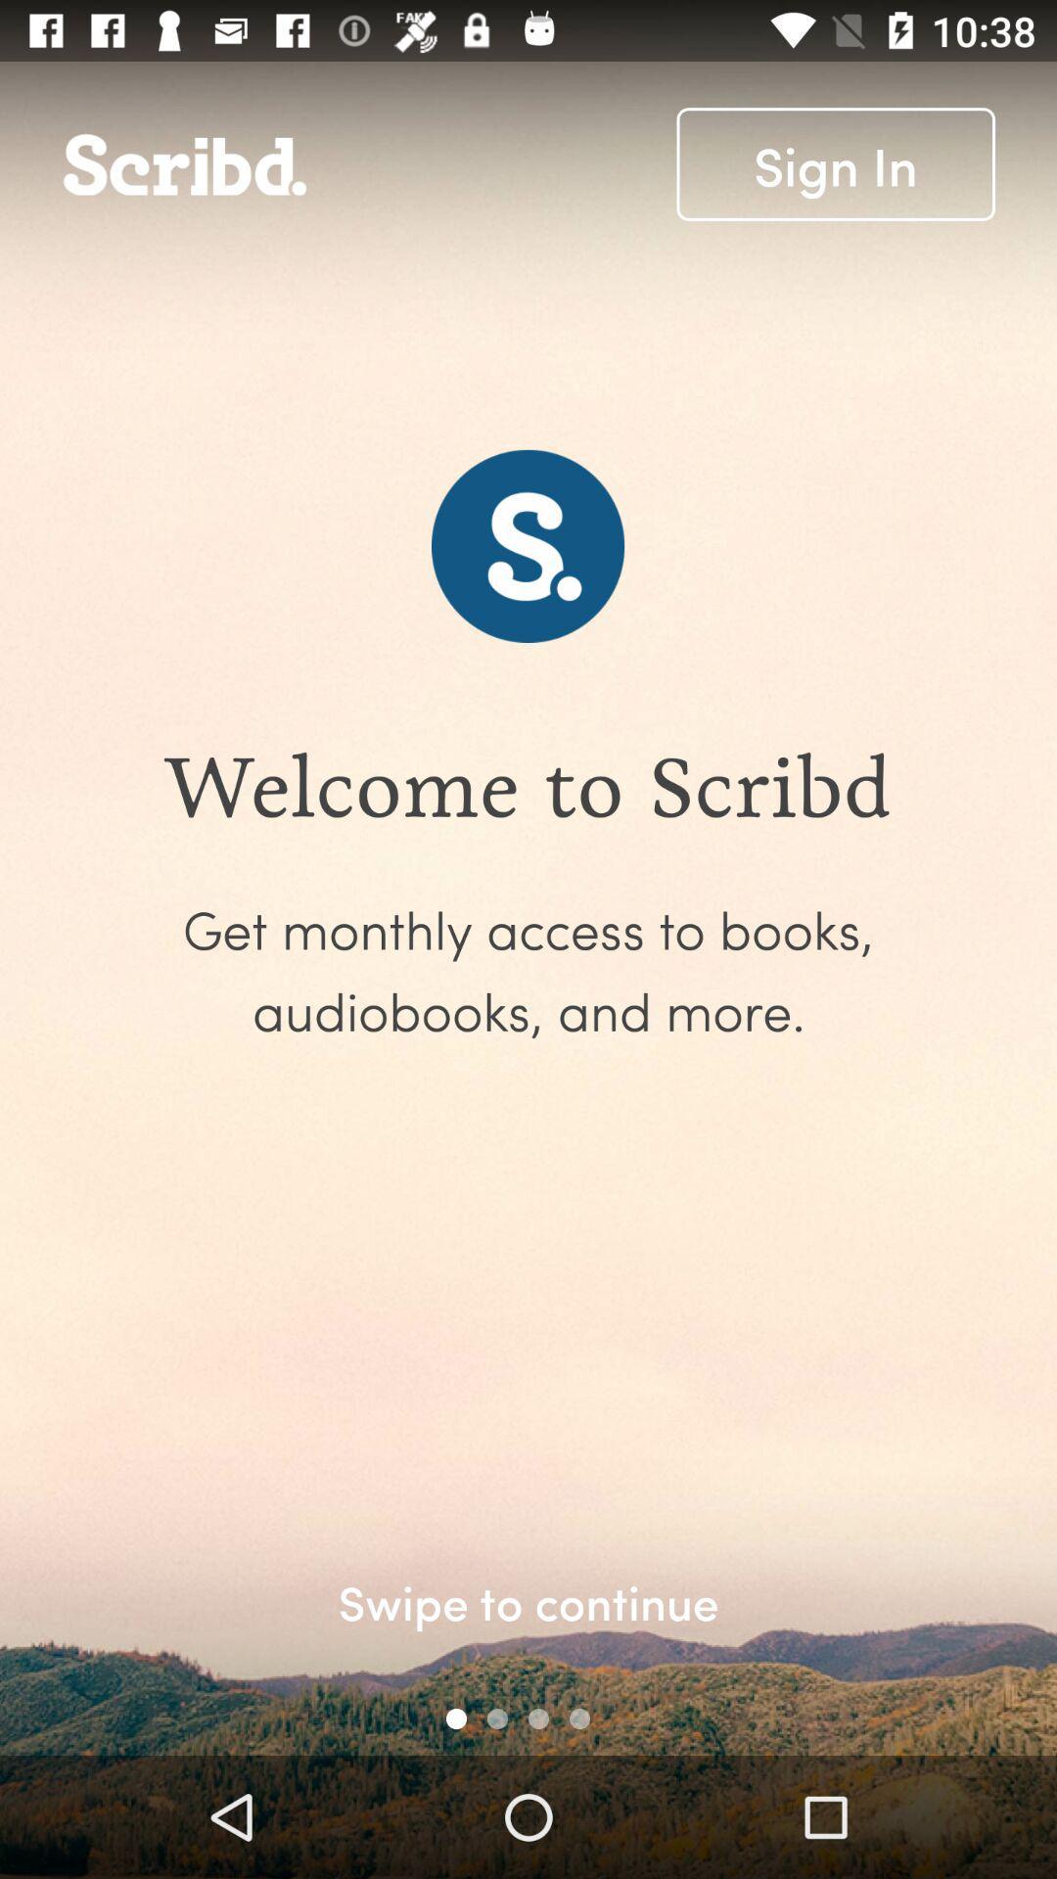  I want to click on the item above welcome to scribd item, so click(836, 164).